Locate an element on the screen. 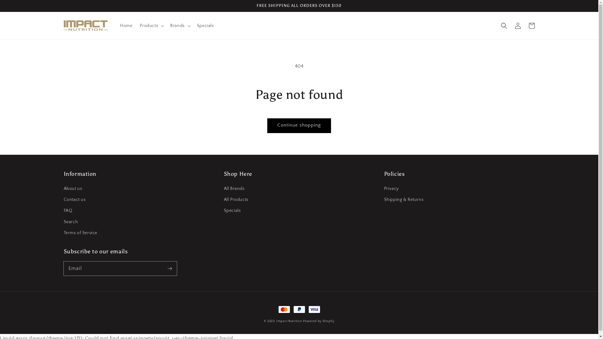 The image size is (603, 339). 'About us' is located at coordinates (73, 189).